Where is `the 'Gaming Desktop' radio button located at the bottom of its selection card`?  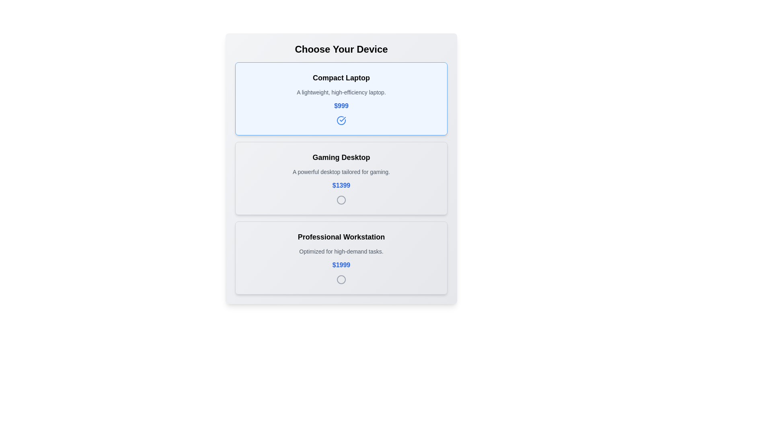
the 'Gaming Desktop' radio button located at the bottom of its selection card is located at coordinates (341, 199).